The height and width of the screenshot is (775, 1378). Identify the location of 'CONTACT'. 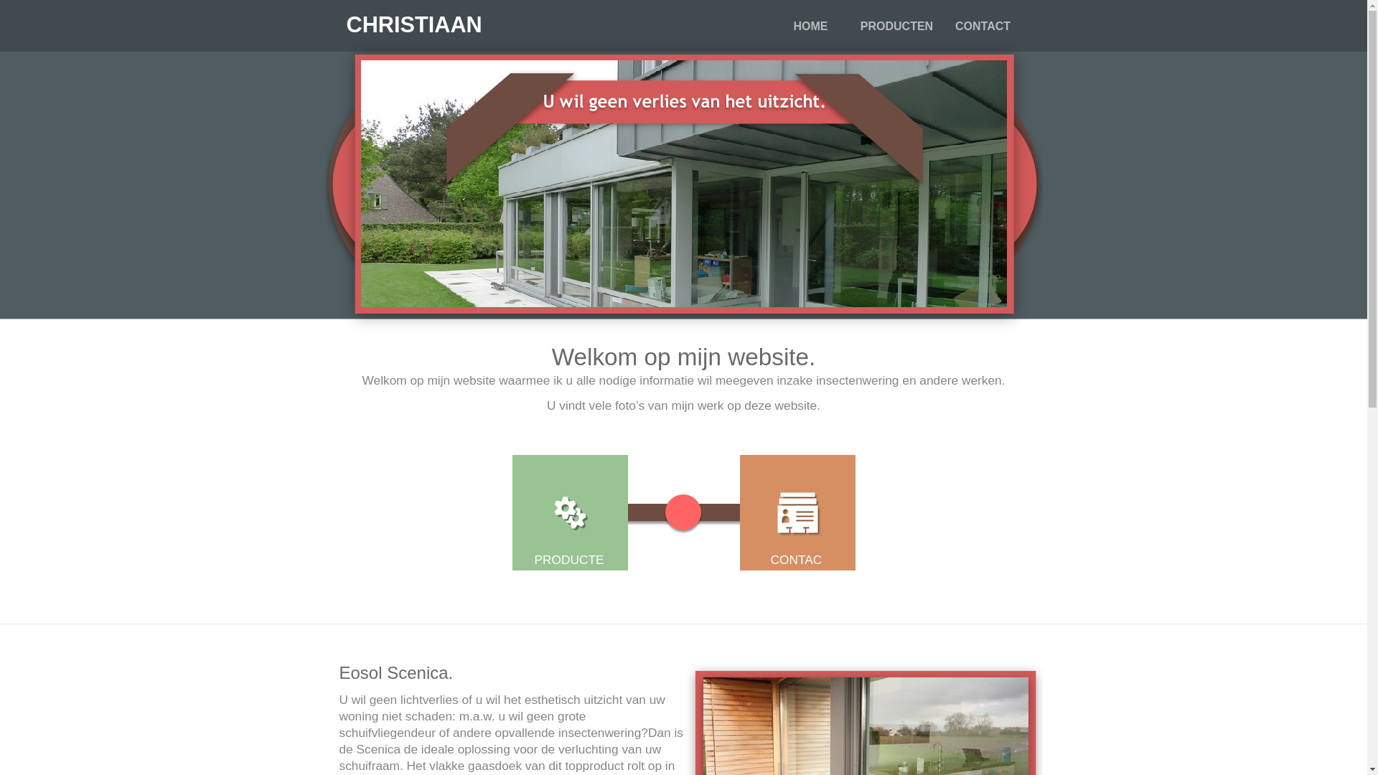
(940, 27).